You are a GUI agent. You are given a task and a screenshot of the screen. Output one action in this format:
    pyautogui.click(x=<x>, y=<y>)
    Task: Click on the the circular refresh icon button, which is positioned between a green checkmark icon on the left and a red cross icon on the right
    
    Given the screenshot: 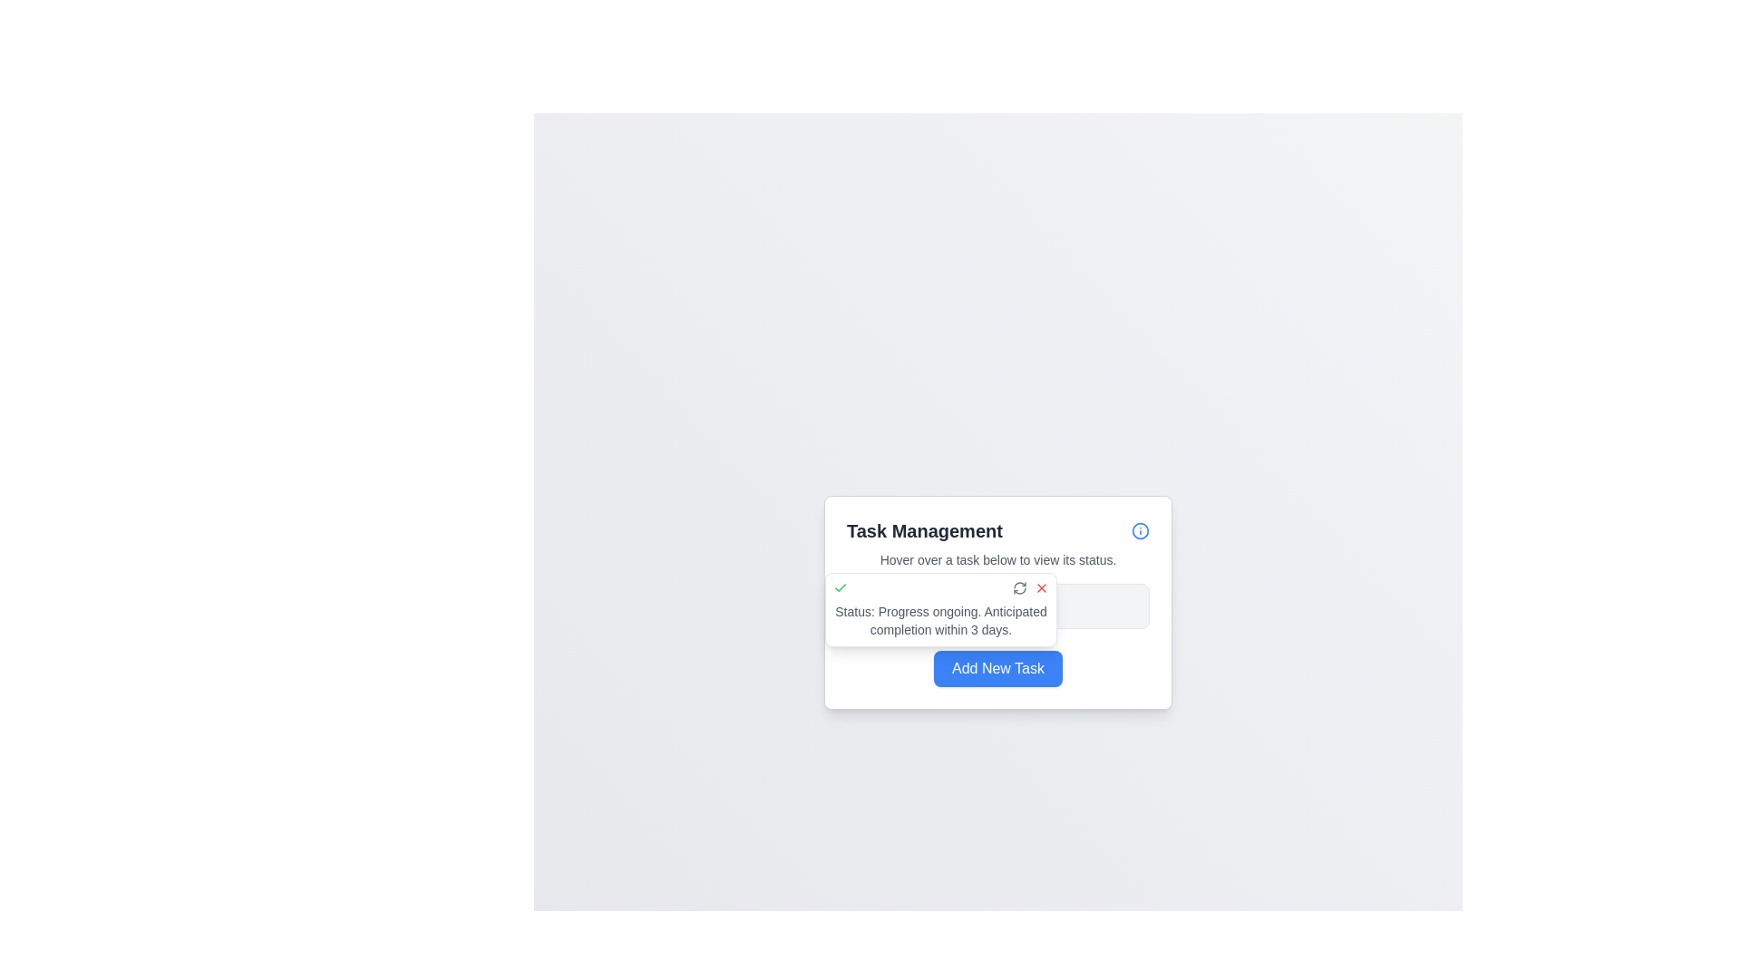 What is the action you would take?
    pyautogui.click(x=1019, y=587)
    